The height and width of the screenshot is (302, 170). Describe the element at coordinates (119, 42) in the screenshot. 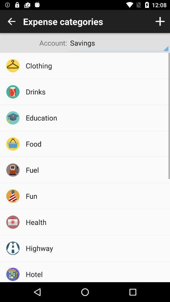

I see `the savings icon` at that location.